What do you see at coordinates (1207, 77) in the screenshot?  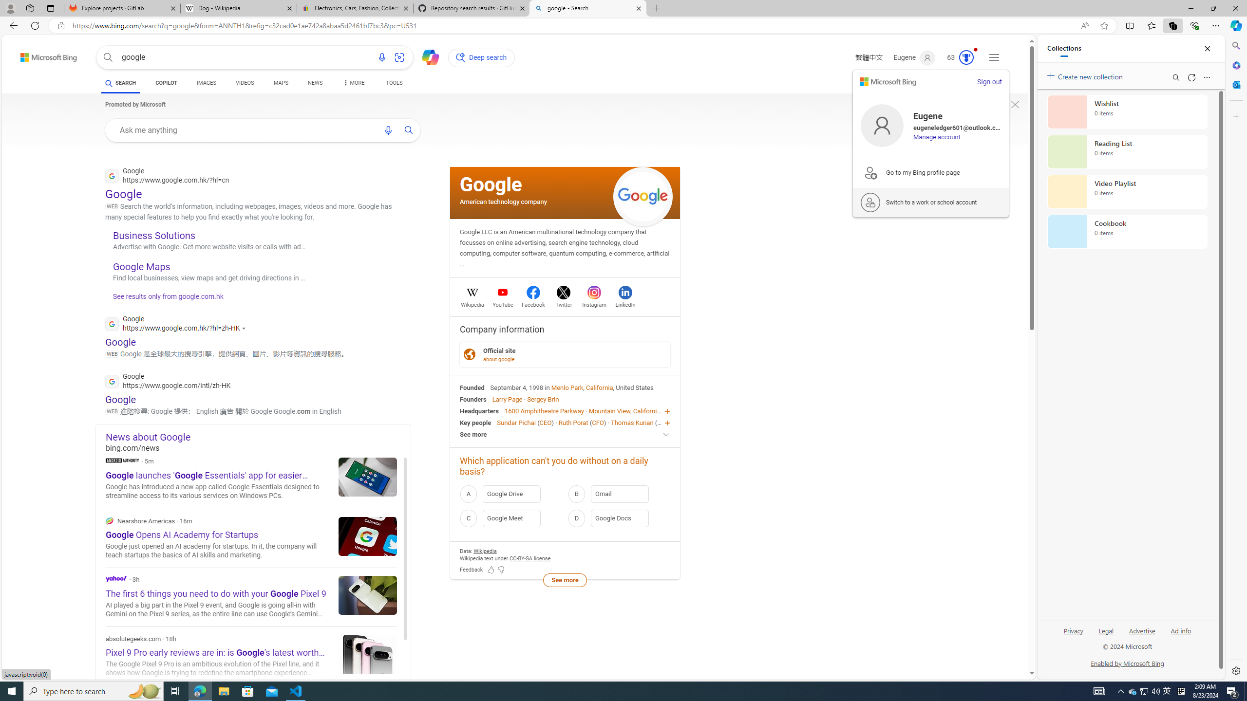 I see `'More options menu'` at bounding box center [1207, 77].